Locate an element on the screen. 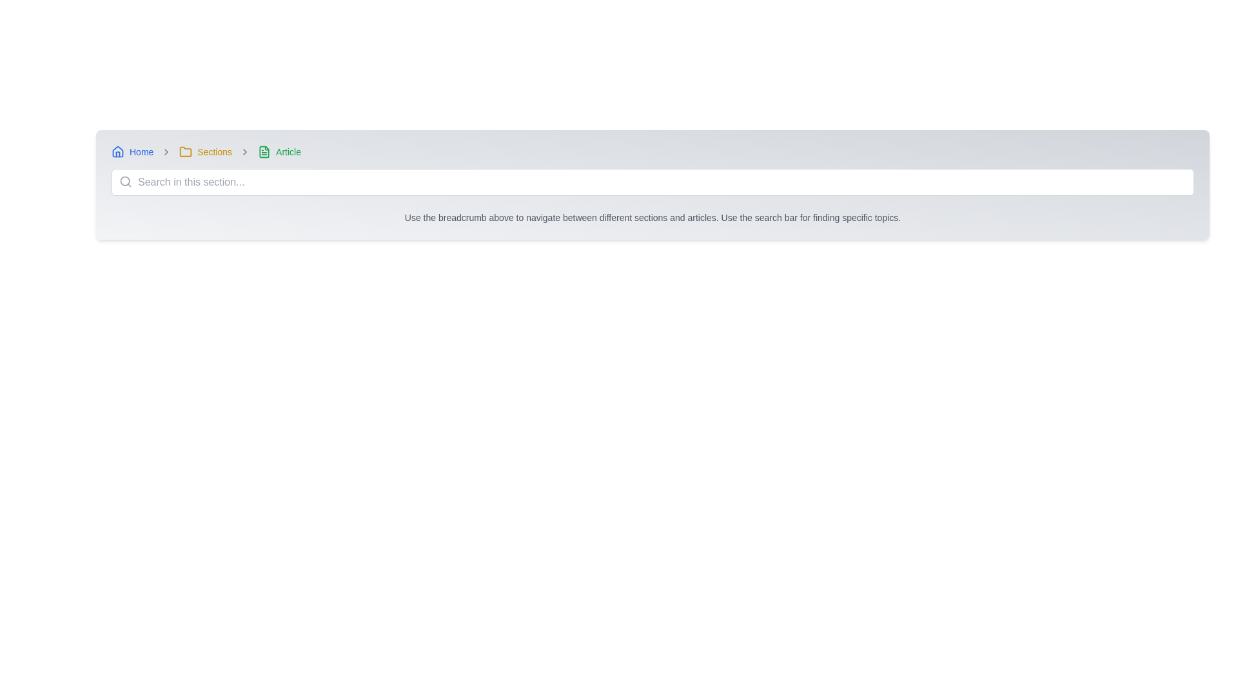  the circle segment of the magnifying glass icon located within the search field, positioned to the left side of the input box is located at coordinates (125, 181).